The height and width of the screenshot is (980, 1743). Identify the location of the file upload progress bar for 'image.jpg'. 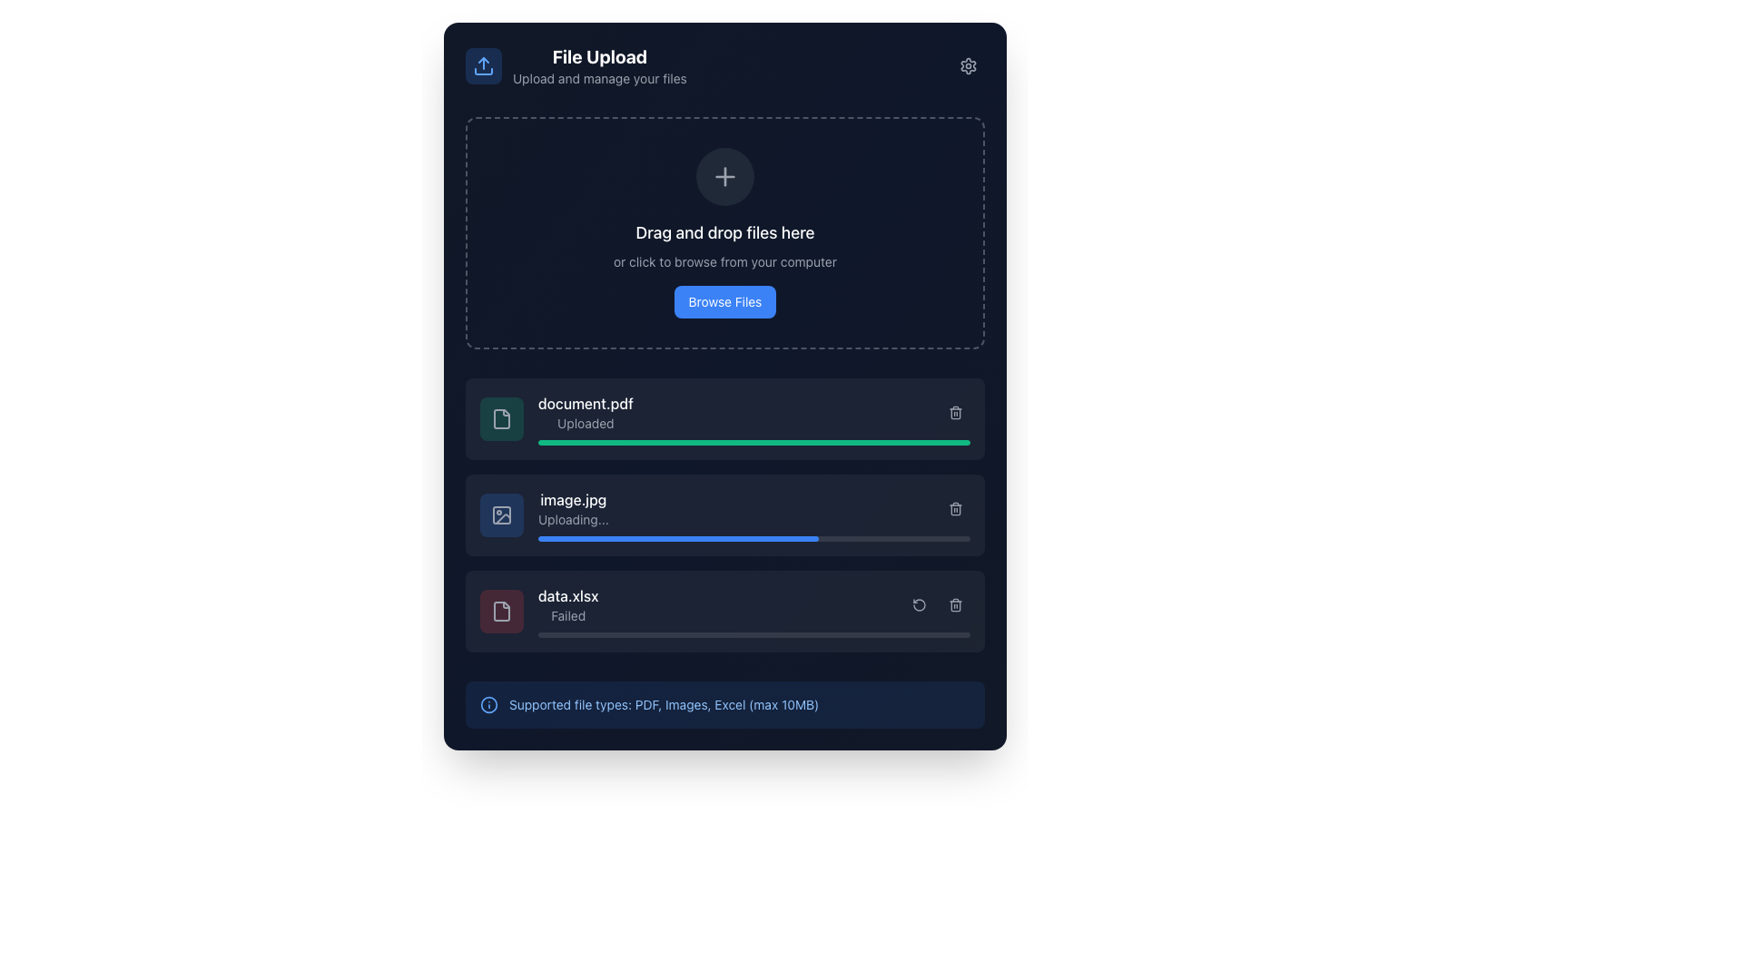
(724, 514).